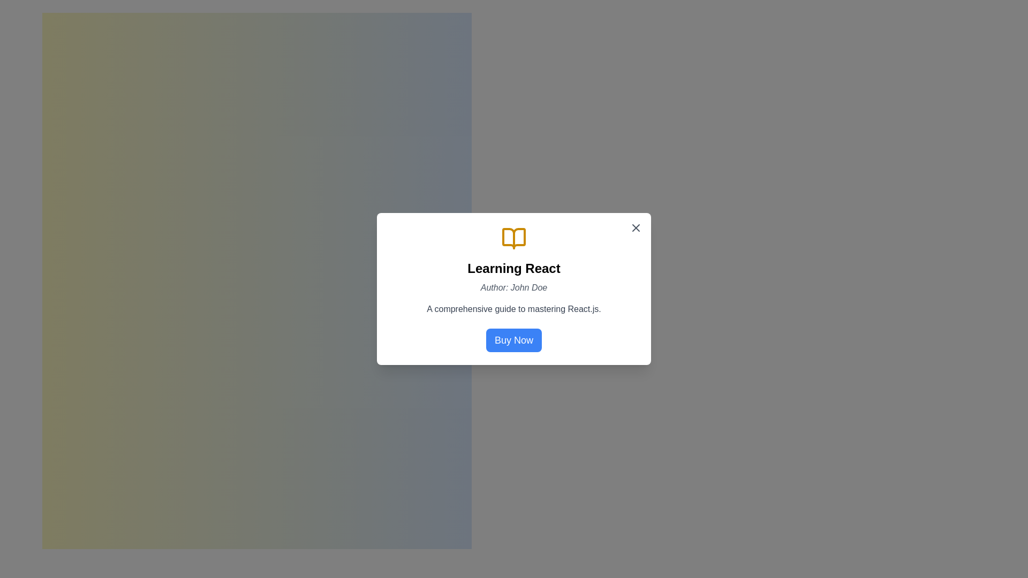 The image size is (1028, 578). I want to click on the close button located in the top-right corner of the modal window, so click(636, 227).